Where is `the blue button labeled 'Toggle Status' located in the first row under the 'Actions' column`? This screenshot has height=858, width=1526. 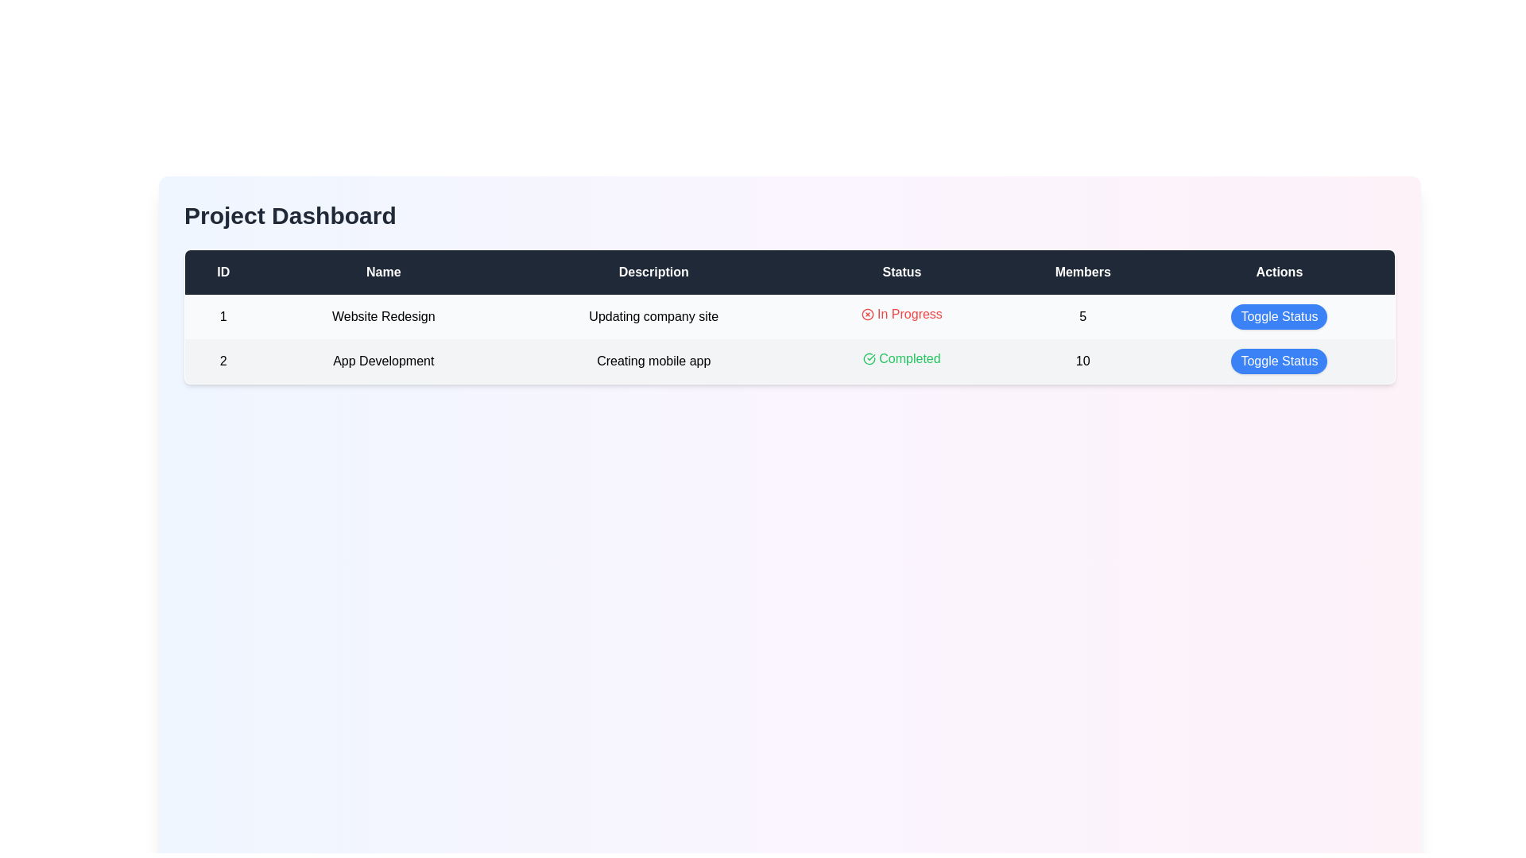 the blue button labeled 'Toggle Status' located in the first row under the 'Actions' column is located at coordinates (1279, 316).